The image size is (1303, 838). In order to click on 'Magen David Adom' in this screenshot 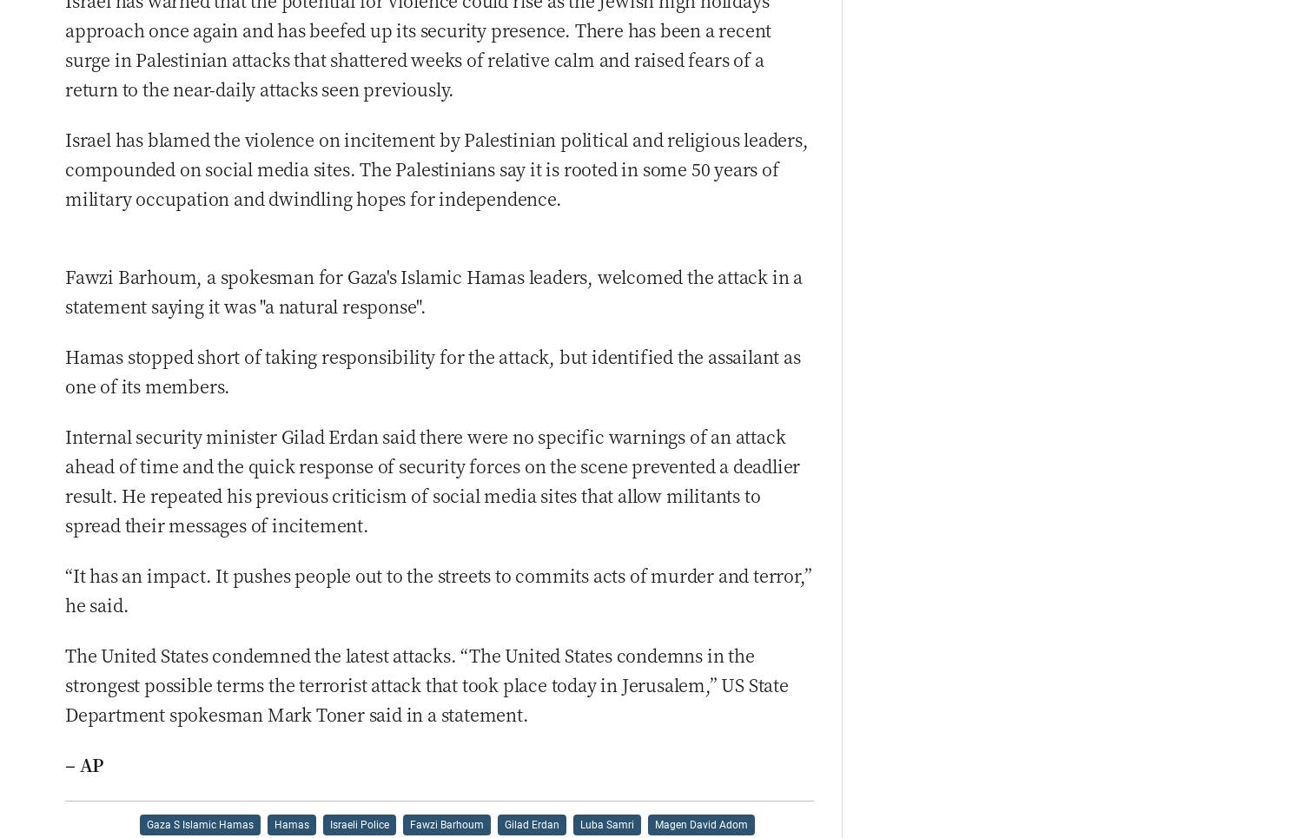, I will do `click(700, 823)`.